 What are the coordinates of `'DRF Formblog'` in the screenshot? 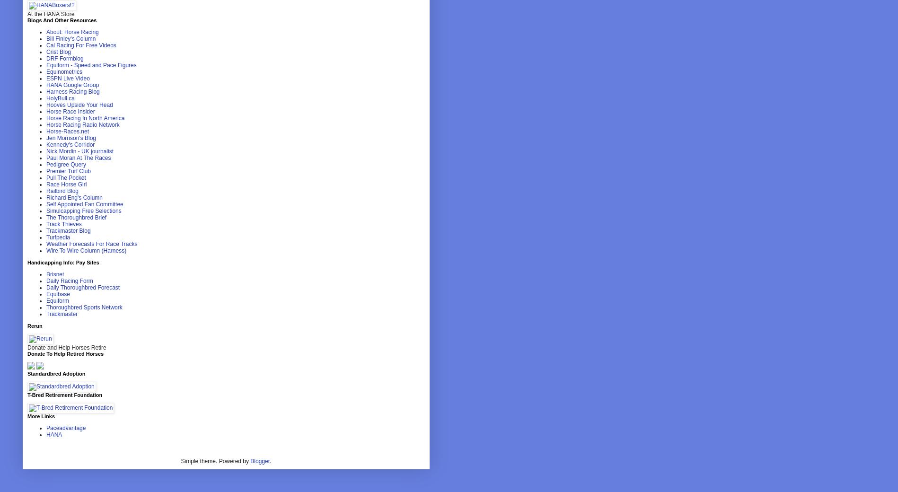 It's located at (65, 58).